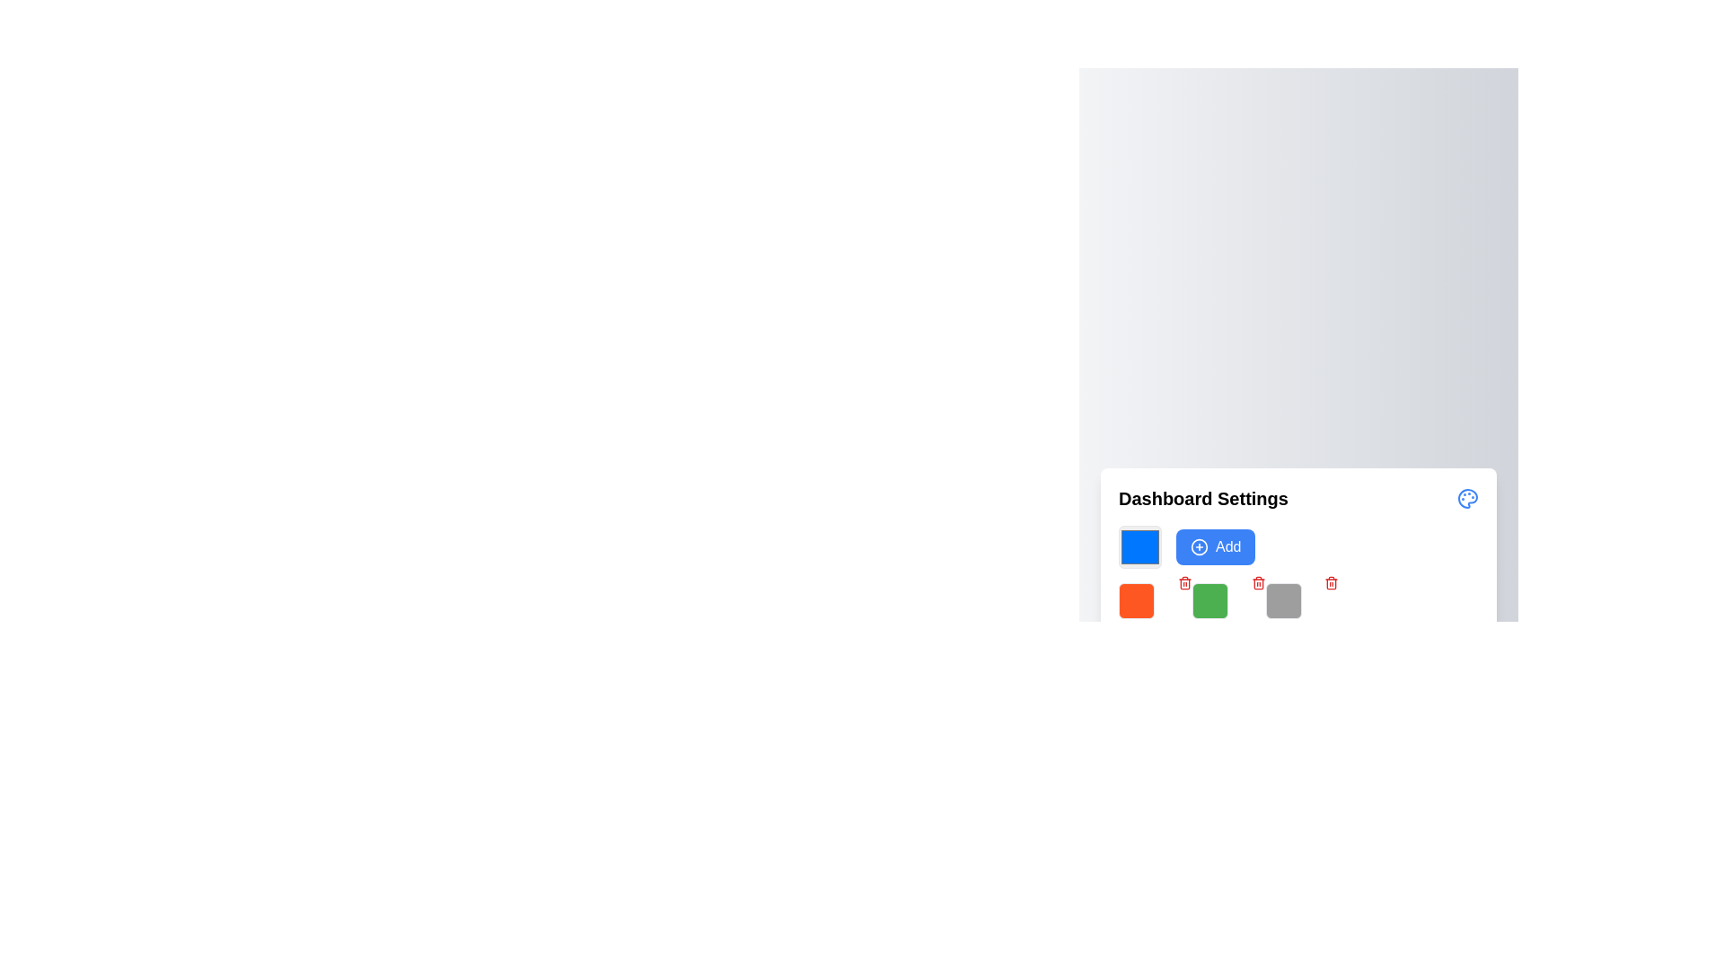 The image size is (1724, 969). Describe the element at coordinates (1282, 601) in the screenshot. I see `the square-shaped button with rounded corners, located in the 'Dashboard Settings' area` at that location.